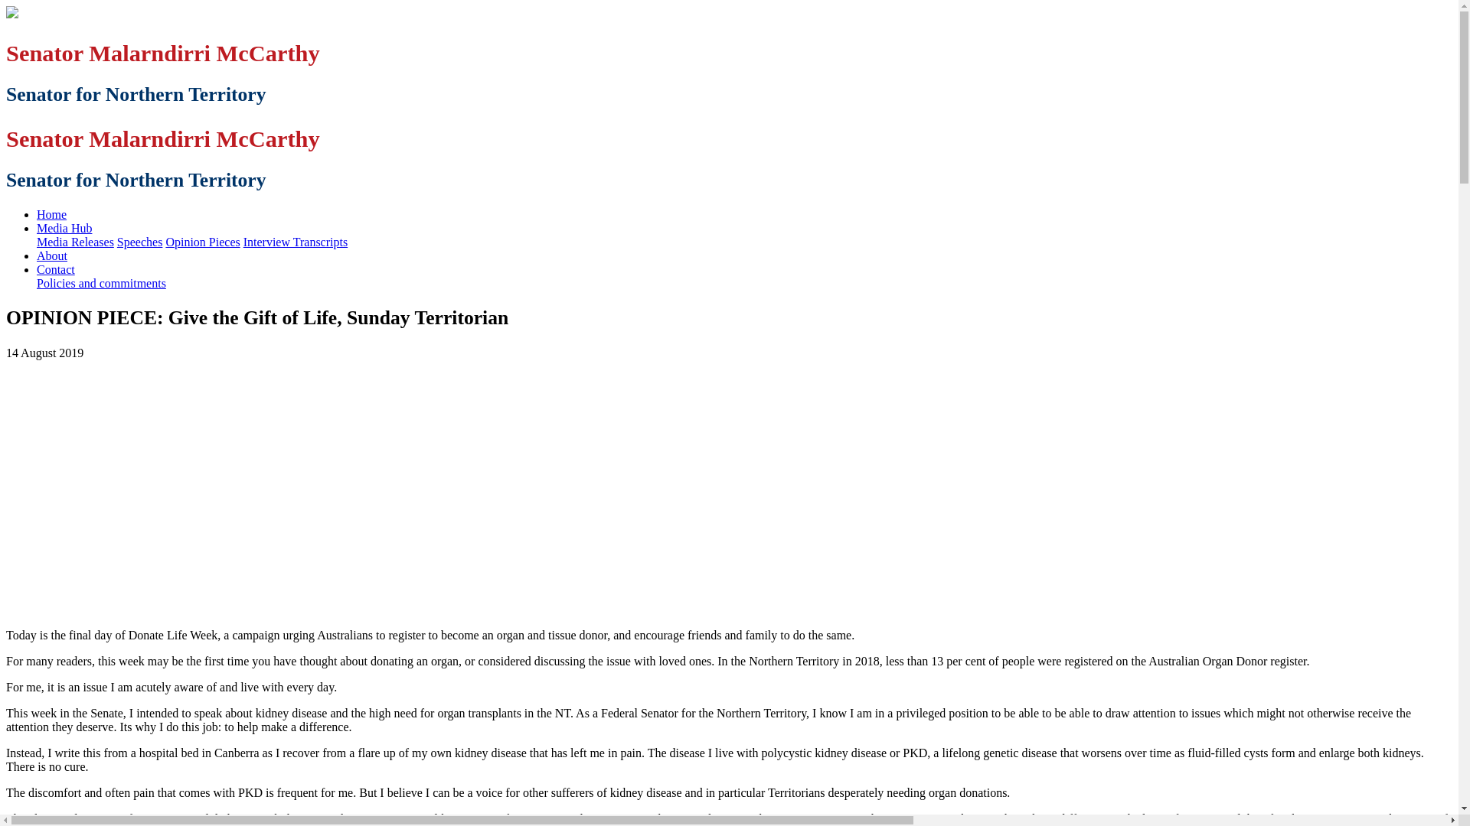  Describe the element at coordinates (201, 241) in the screenshot. I see `'Opinion Pieces'` at that location.